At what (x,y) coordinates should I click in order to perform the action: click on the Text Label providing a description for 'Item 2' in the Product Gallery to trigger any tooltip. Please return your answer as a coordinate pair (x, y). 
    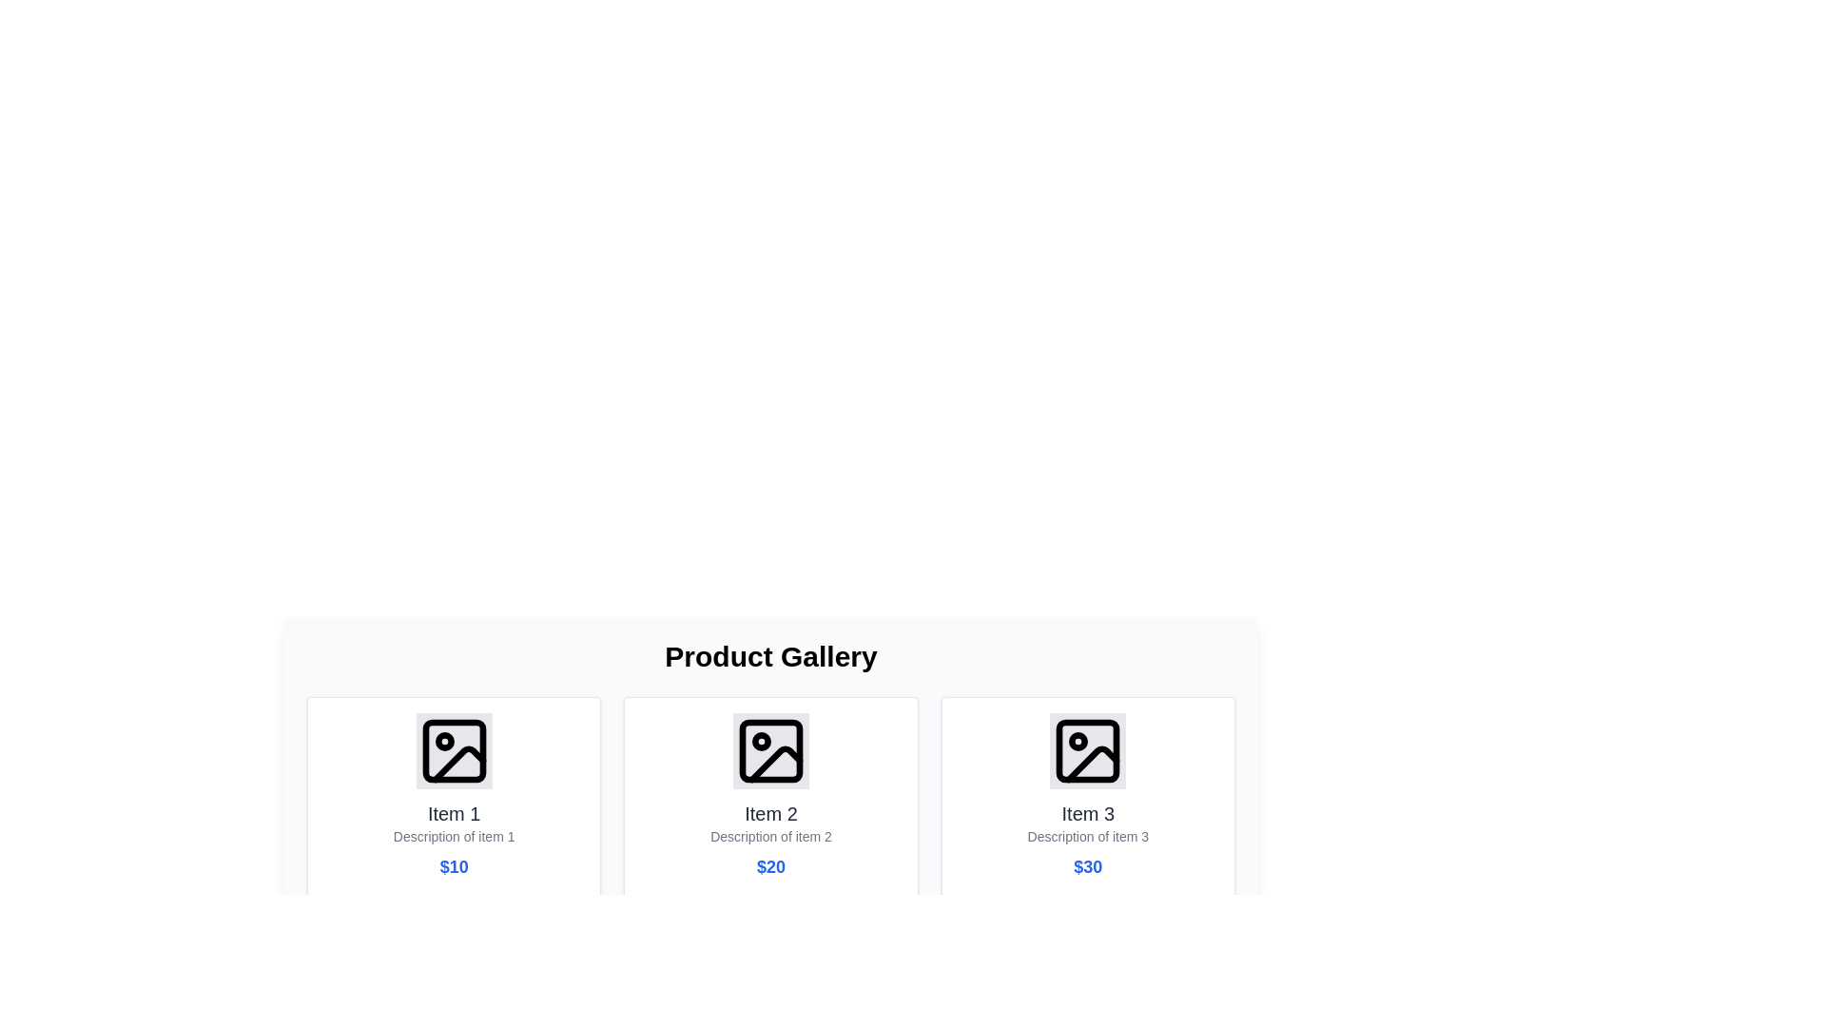
    Looking at the image, I should click on (771, 835).